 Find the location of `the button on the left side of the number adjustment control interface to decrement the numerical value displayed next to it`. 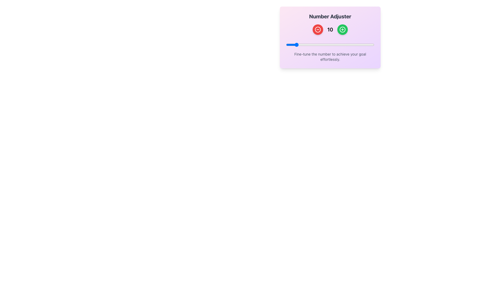

the button on the left side of the number adjustment control interface to decrement the numerical value displayed next to it is located at coordinates (317, 29).